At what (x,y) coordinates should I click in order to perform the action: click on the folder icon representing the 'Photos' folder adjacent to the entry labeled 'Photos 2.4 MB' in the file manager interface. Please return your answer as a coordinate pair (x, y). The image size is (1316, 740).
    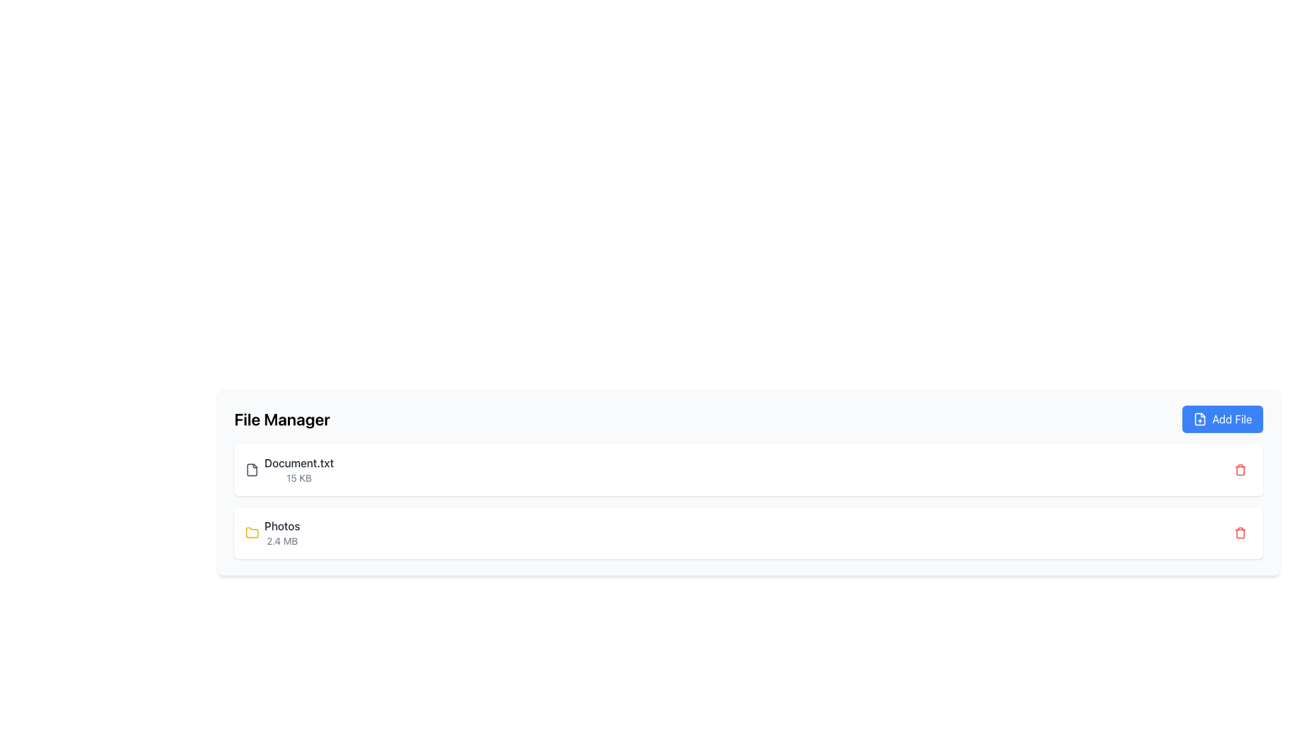
    Looking at the image, I should click on (252, 531).